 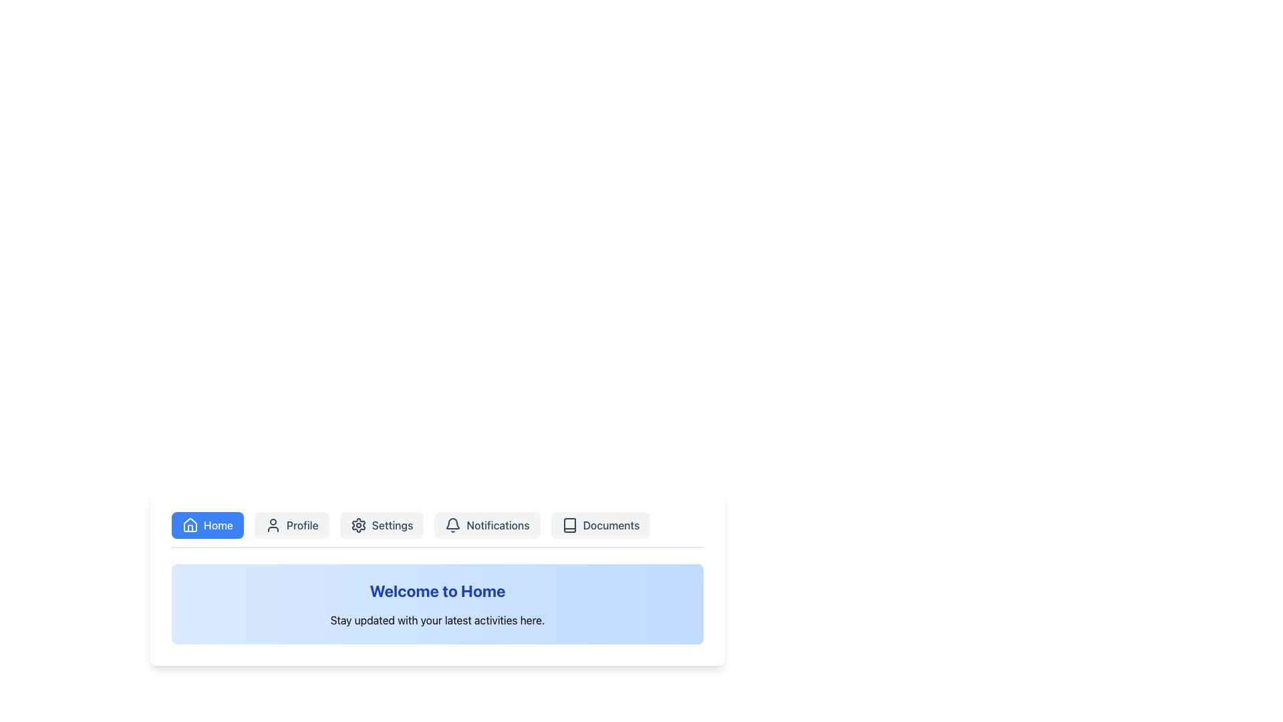 What do you see at coordinates (358, 525) in the screenshot?
I see `the settings icon located in the navigation bar, which is positioned between the profile and notification icons` at bounding box center [358, 525].